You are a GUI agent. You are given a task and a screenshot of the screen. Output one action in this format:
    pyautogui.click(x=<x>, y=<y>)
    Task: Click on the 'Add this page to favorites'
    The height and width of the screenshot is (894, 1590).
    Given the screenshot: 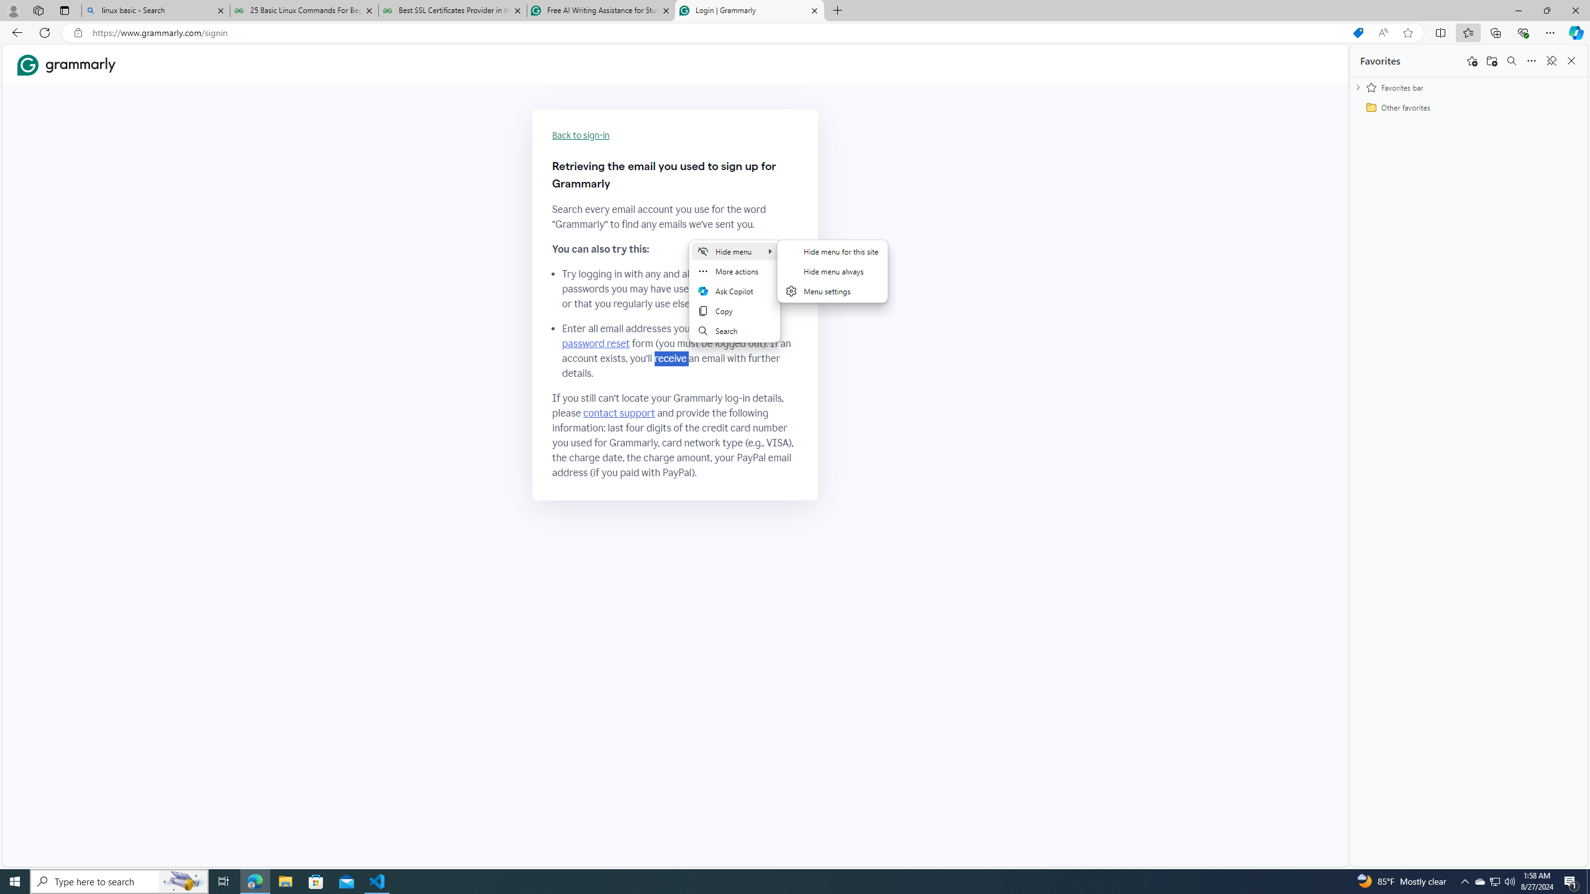 What is the action you would take?
    pyautogui.click(x=1471, y=60)
    